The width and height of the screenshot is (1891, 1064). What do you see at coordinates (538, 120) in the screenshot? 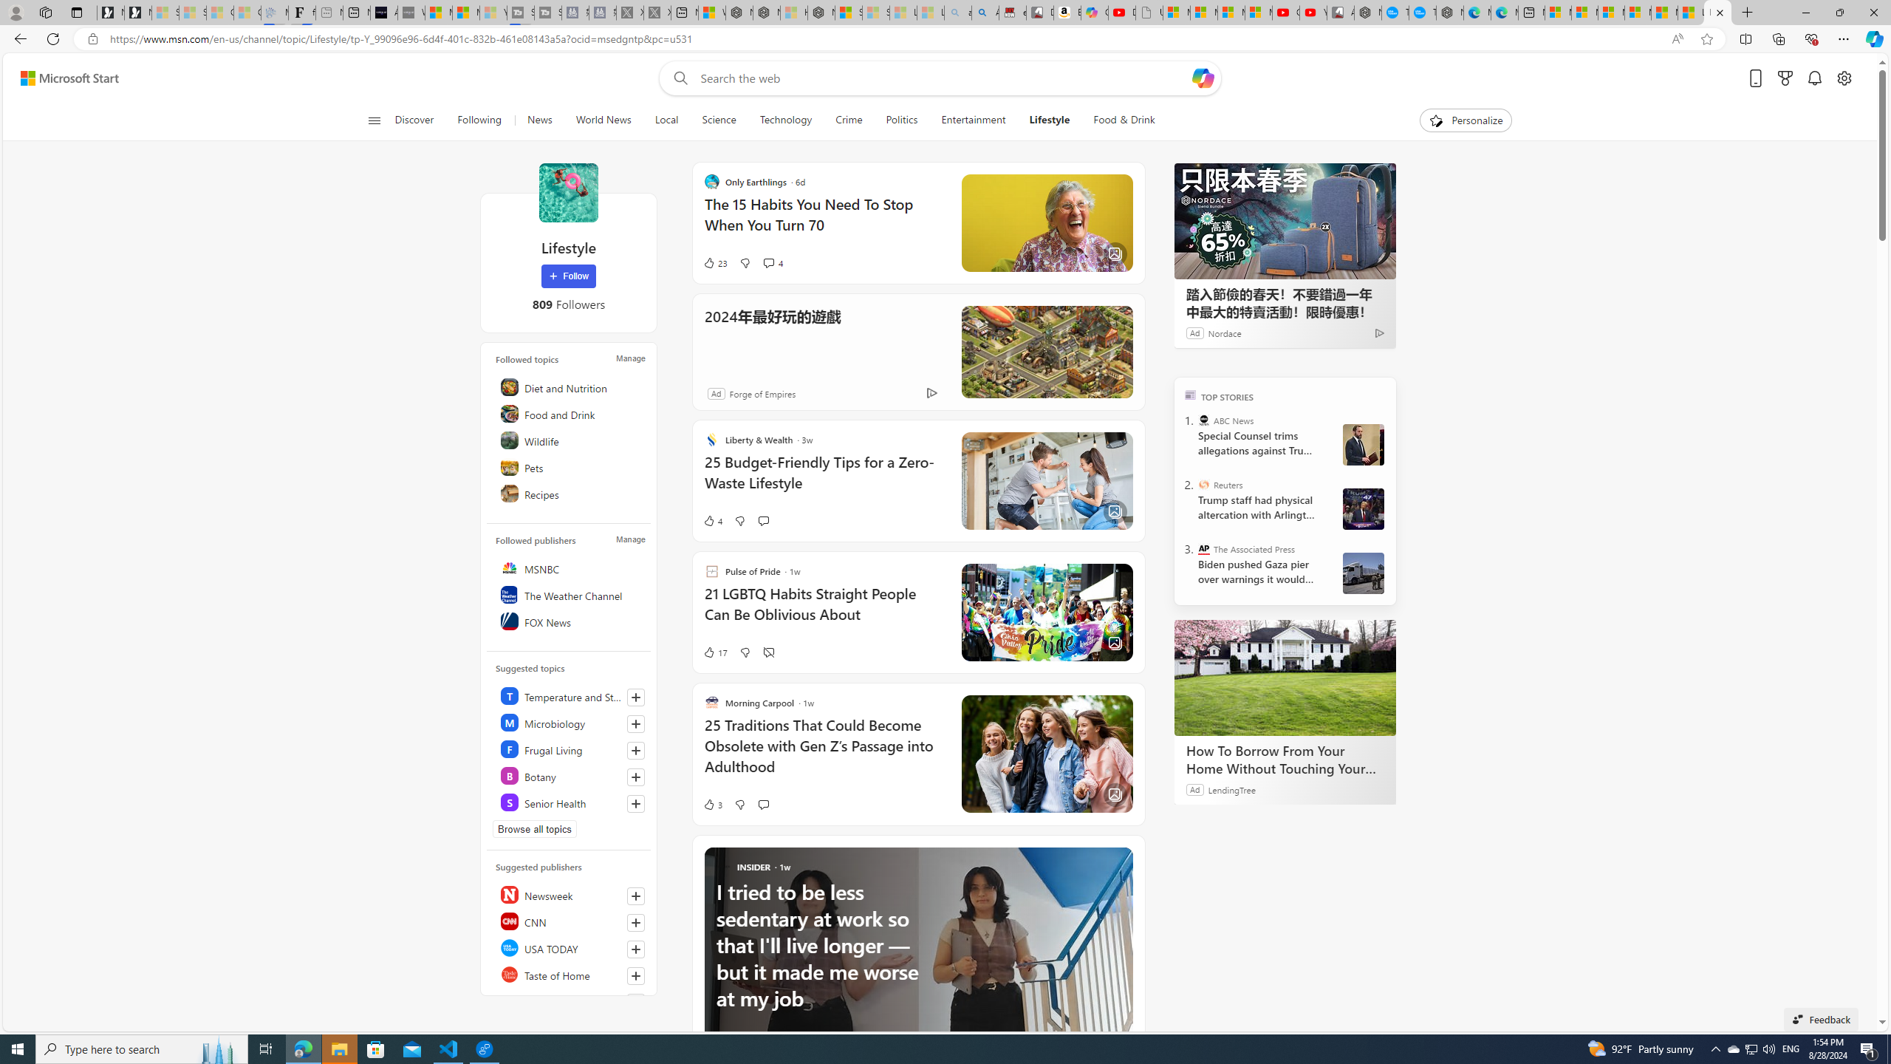
I see `'News'` at bounding box center [538, 120].